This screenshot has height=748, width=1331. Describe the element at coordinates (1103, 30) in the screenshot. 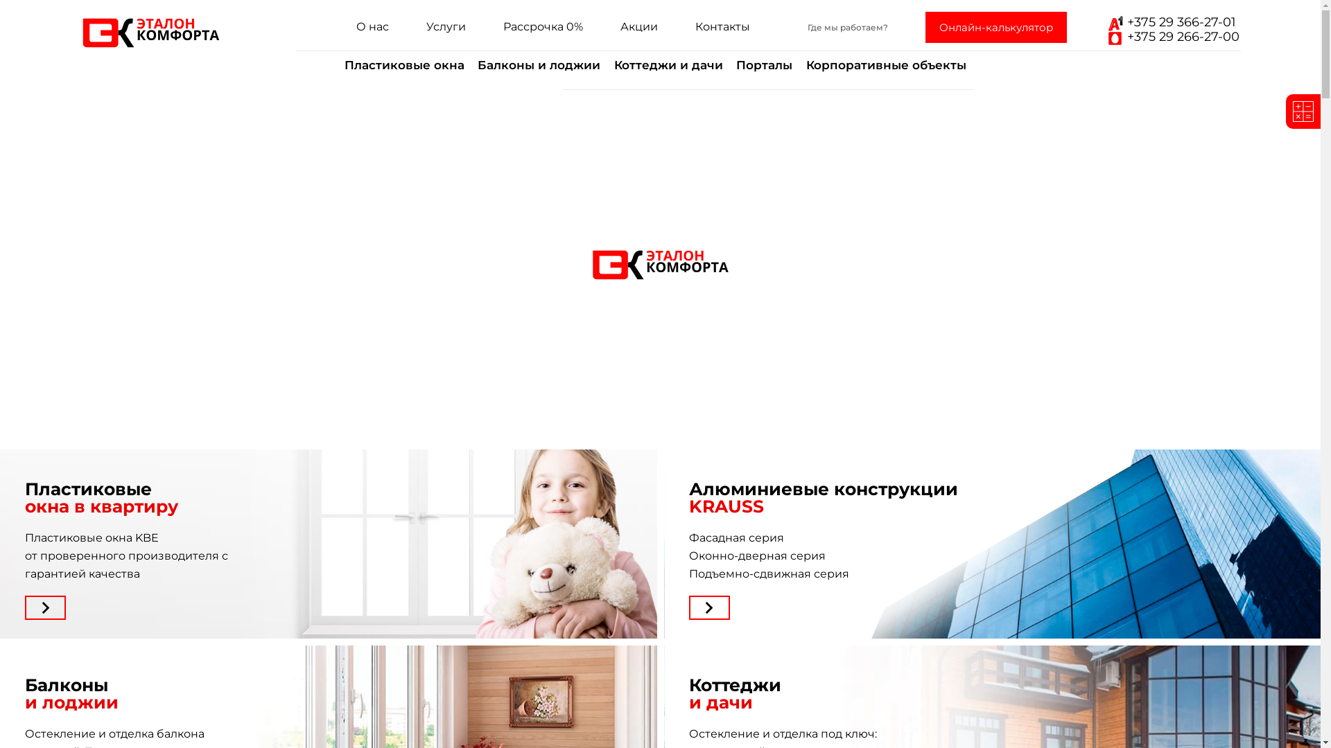

I see `'+375 29 366-27-01` at that location.